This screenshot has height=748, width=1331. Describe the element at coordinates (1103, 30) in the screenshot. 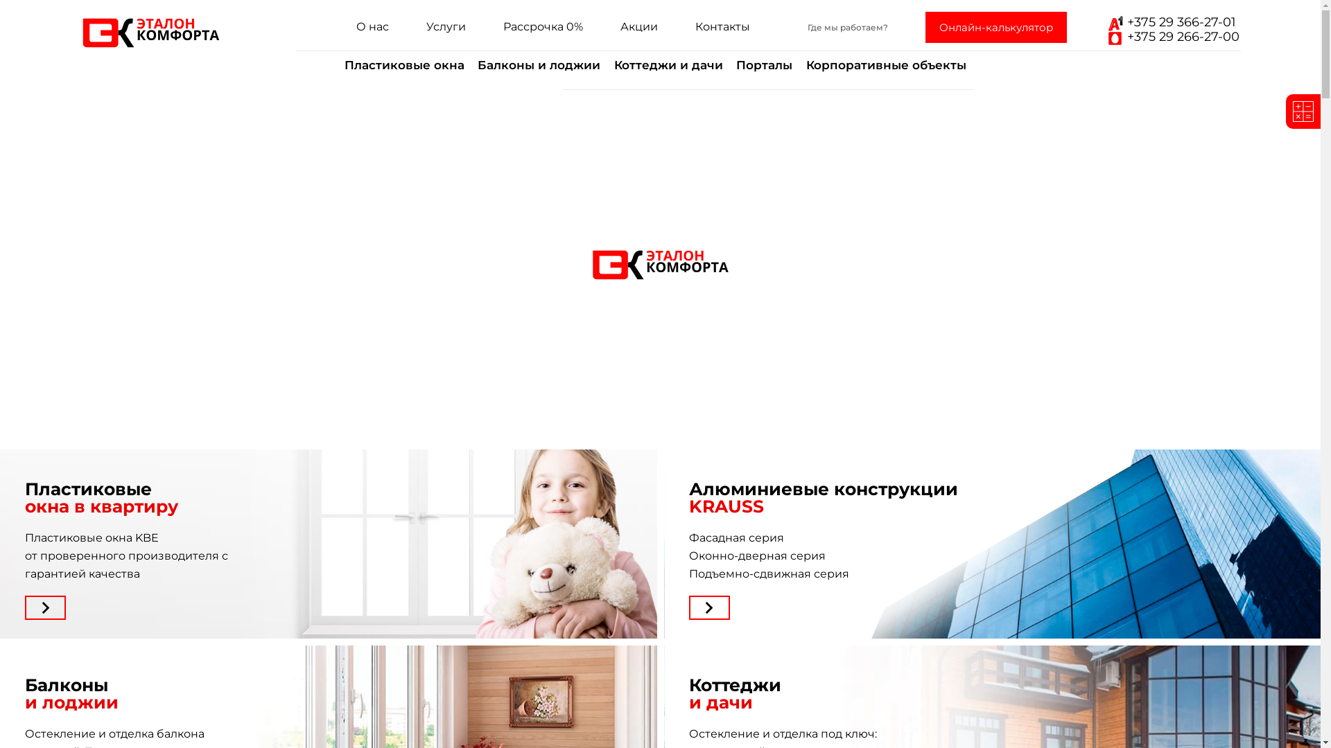

I see `'+375 29 366-27-01` at that location.